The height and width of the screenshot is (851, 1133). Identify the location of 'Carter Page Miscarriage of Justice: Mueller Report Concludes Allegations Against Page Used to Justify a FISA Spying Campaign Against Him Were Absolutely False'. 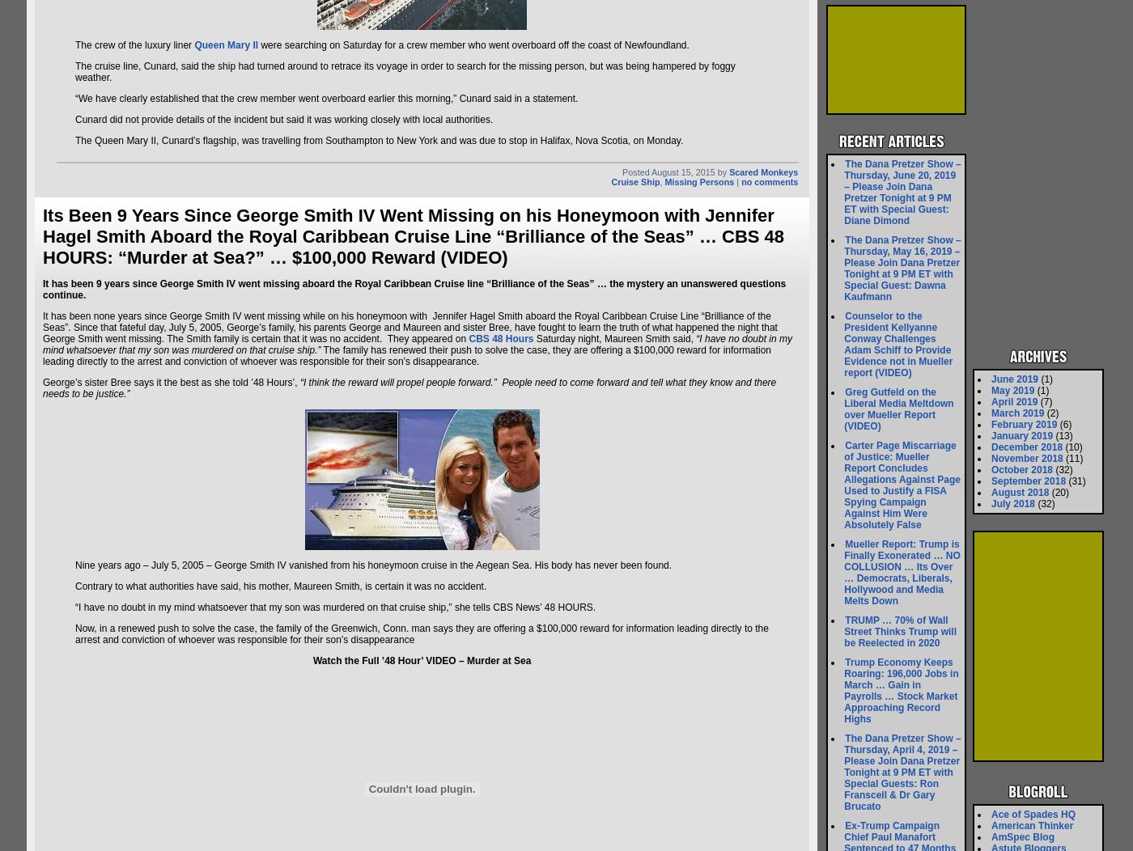
(902, 484).